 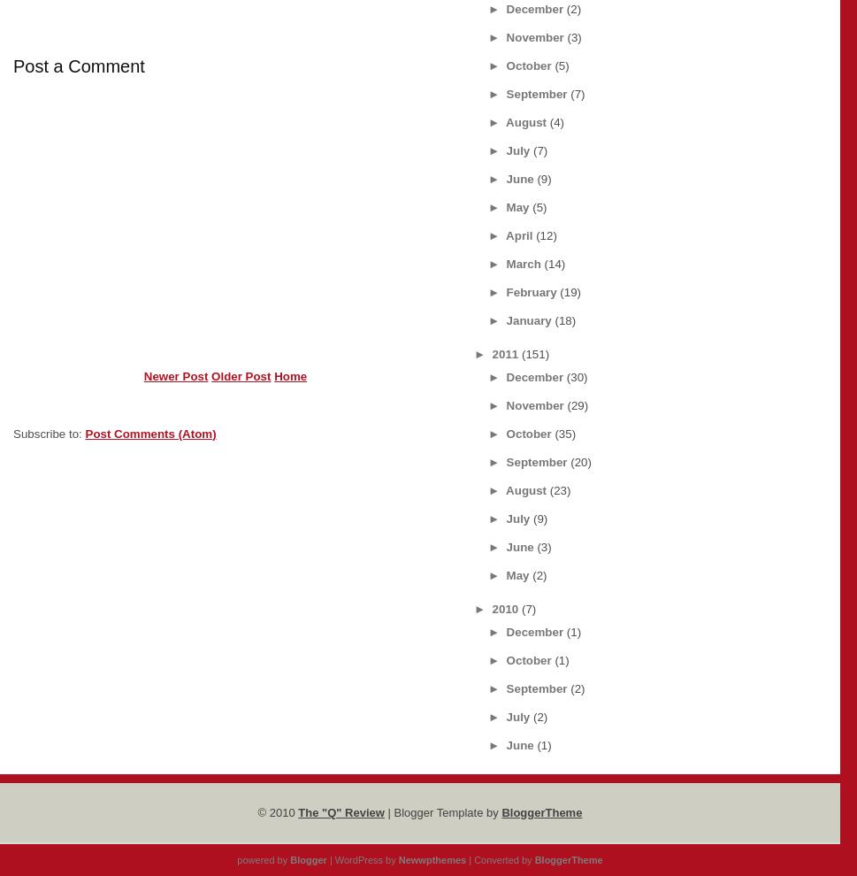 I want to click on '| WordPress by', so click(x=361, y=859).